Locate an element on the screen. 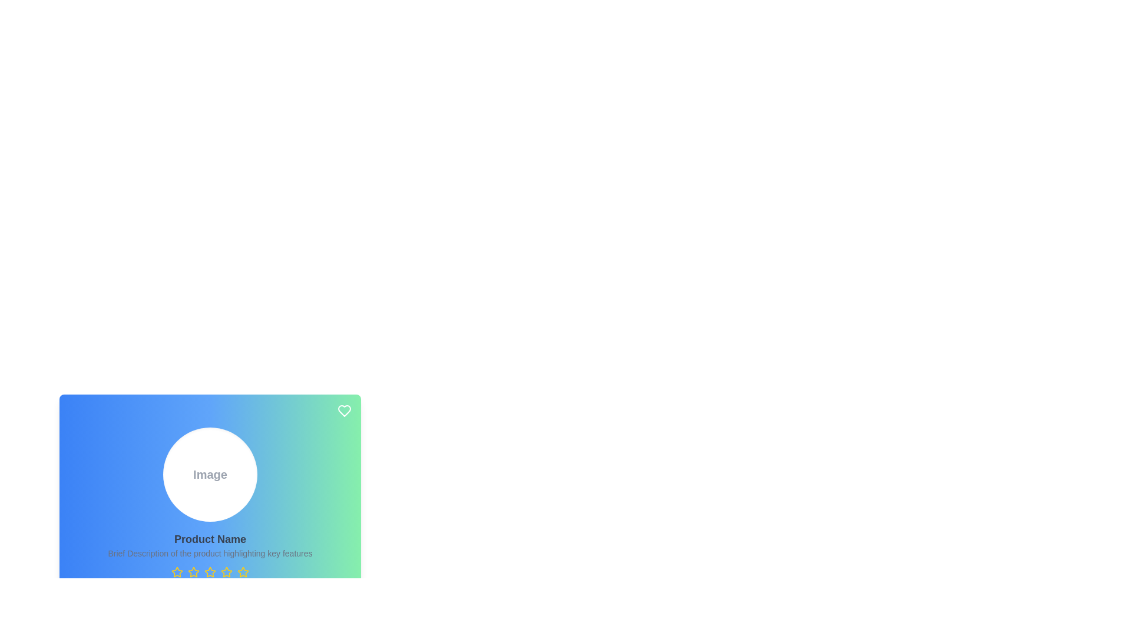  the heart-shaped icon button located in the top-right corner of the action panel is located at coordinates (344, 410).